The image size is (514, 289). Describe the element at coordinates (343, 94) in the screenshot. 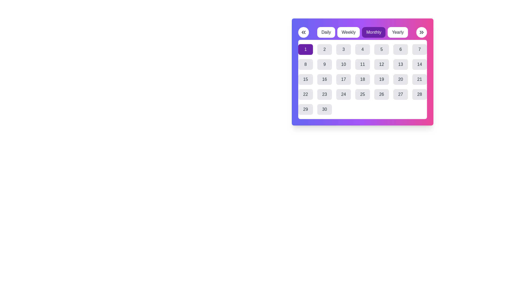

I see `the selectable day button located in the fifth row and fourth column of the calendar grid` at that location.